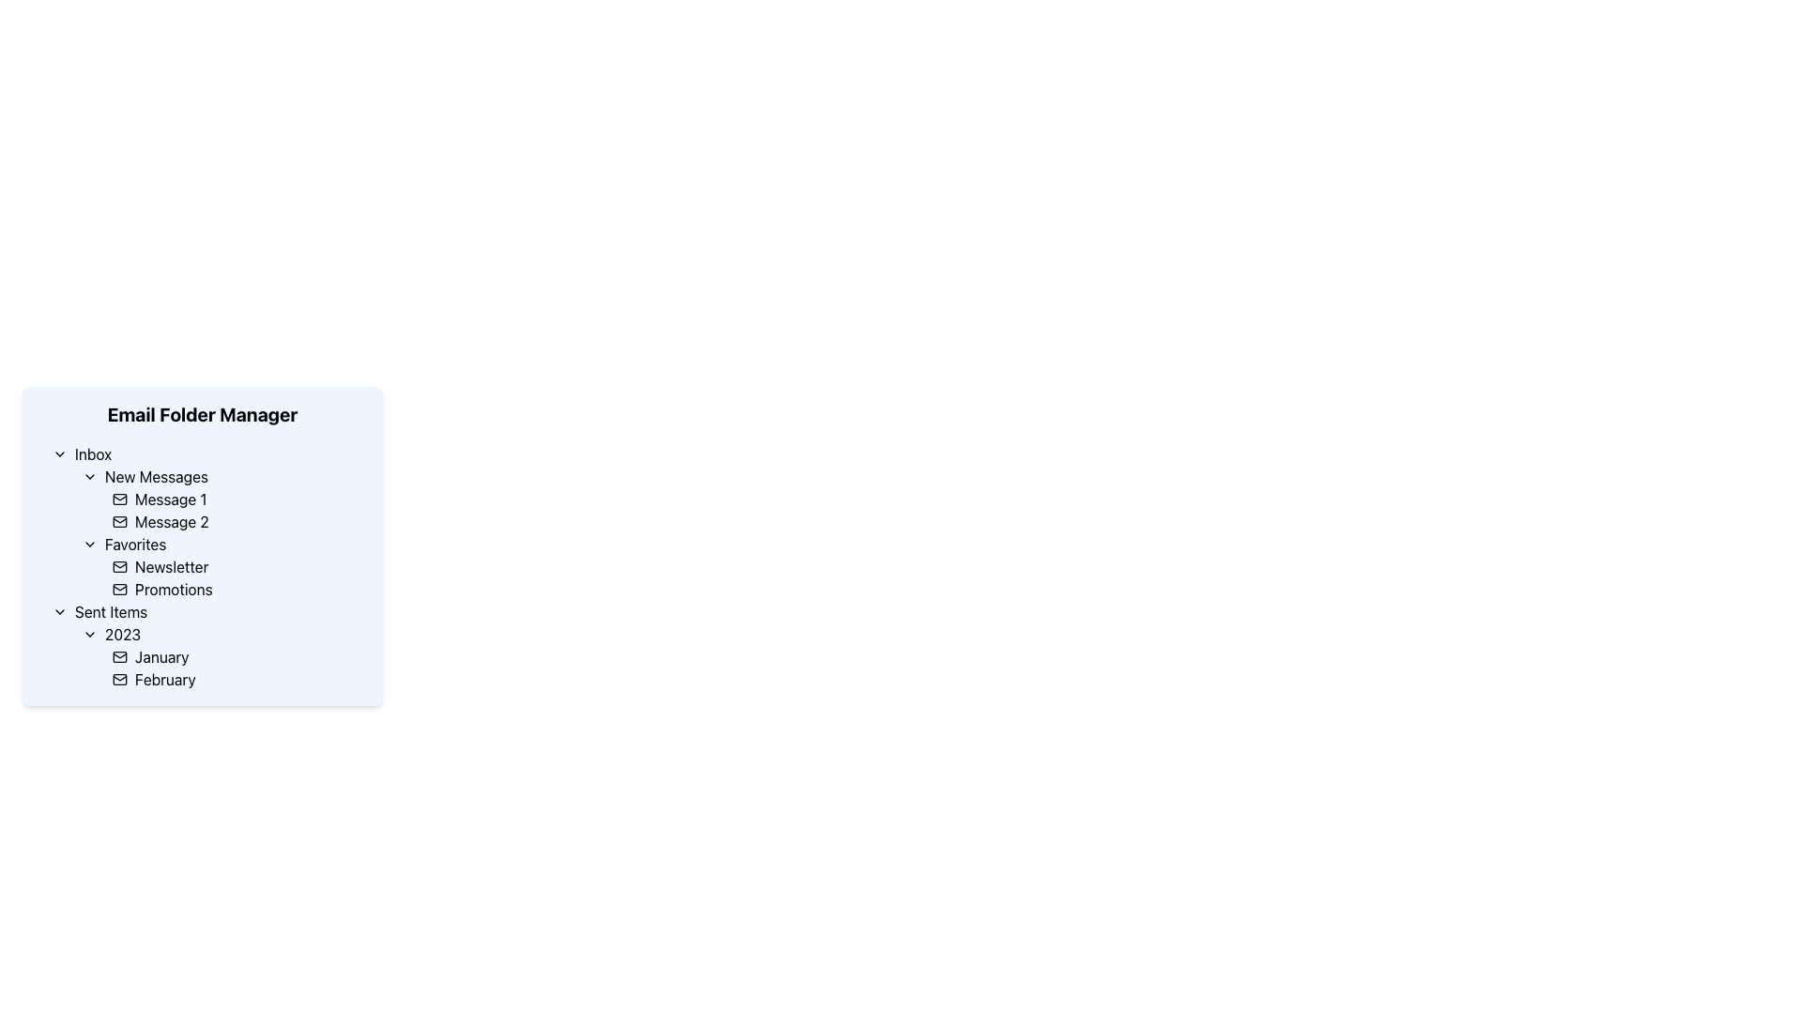 The width and height of the screenshot is (1802, 1014). I want to click on the static text label displaying 'Message 2' located under the 'Inbox' folder in the 'New Messages' subsection, so click(172, 521).